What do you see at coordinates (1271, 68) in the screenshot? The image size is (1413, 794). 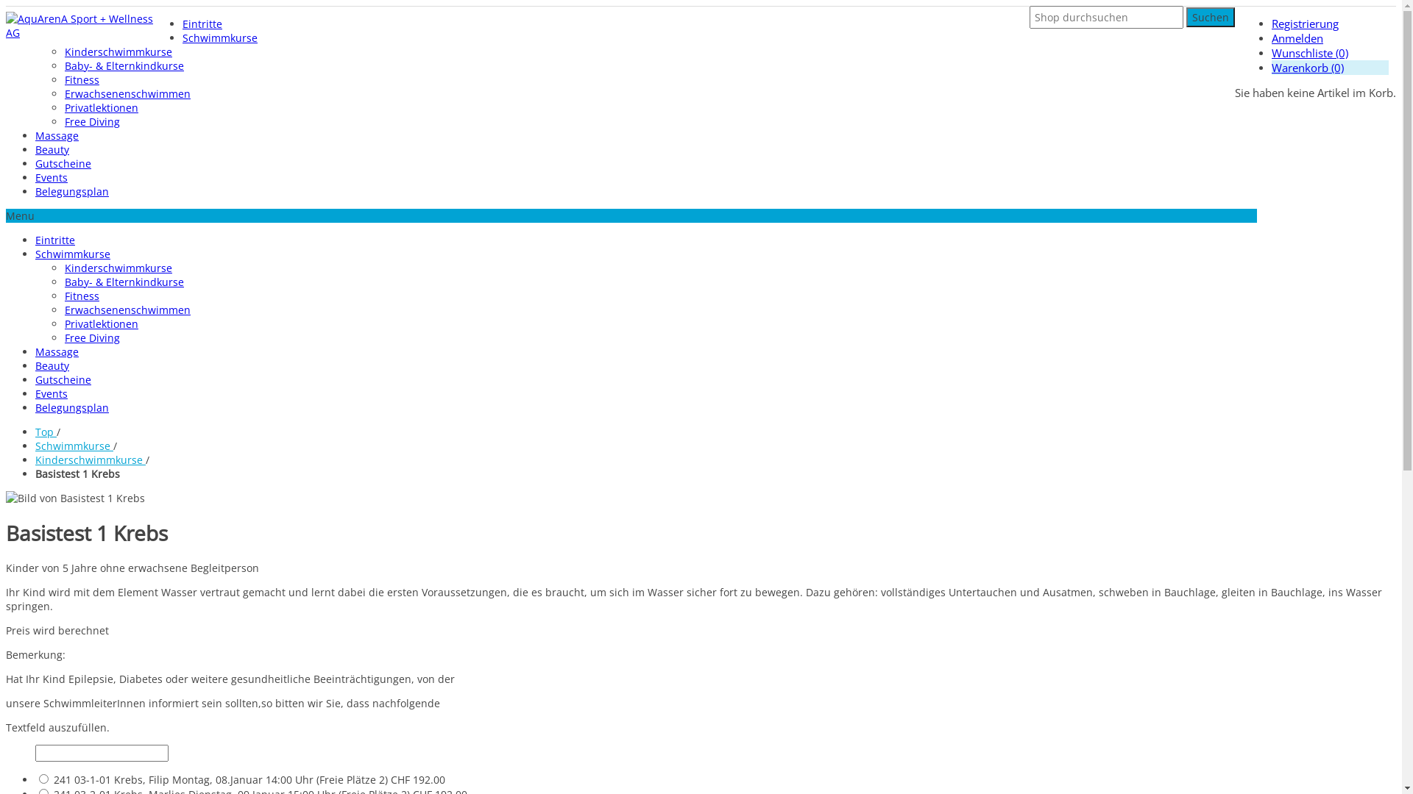 I see `'Warenkorb (0)'` at bounding box center [1271, 68].